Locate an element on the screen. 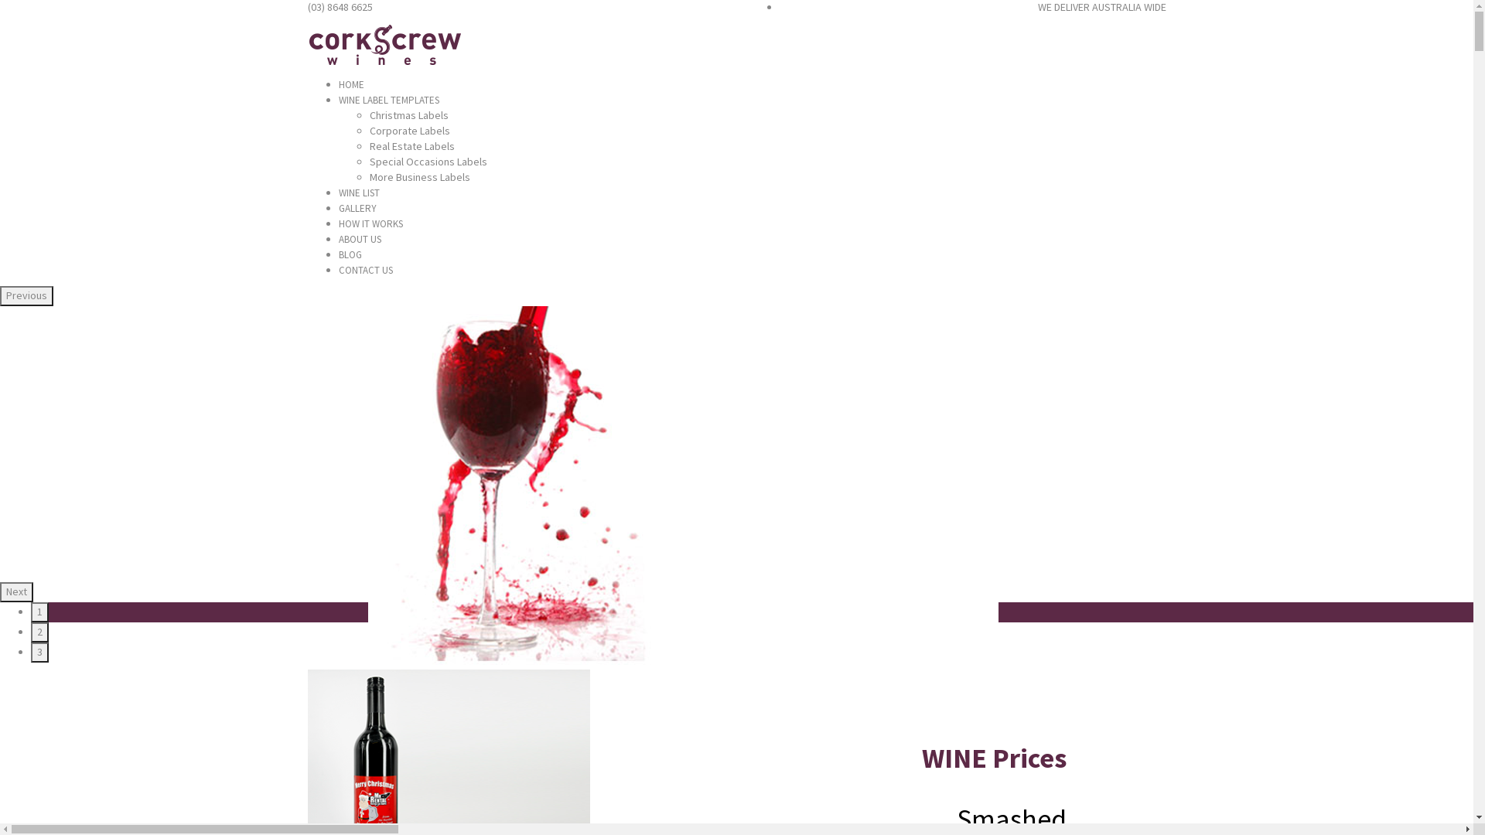  'Previous' is located at coordinates (26, 295).